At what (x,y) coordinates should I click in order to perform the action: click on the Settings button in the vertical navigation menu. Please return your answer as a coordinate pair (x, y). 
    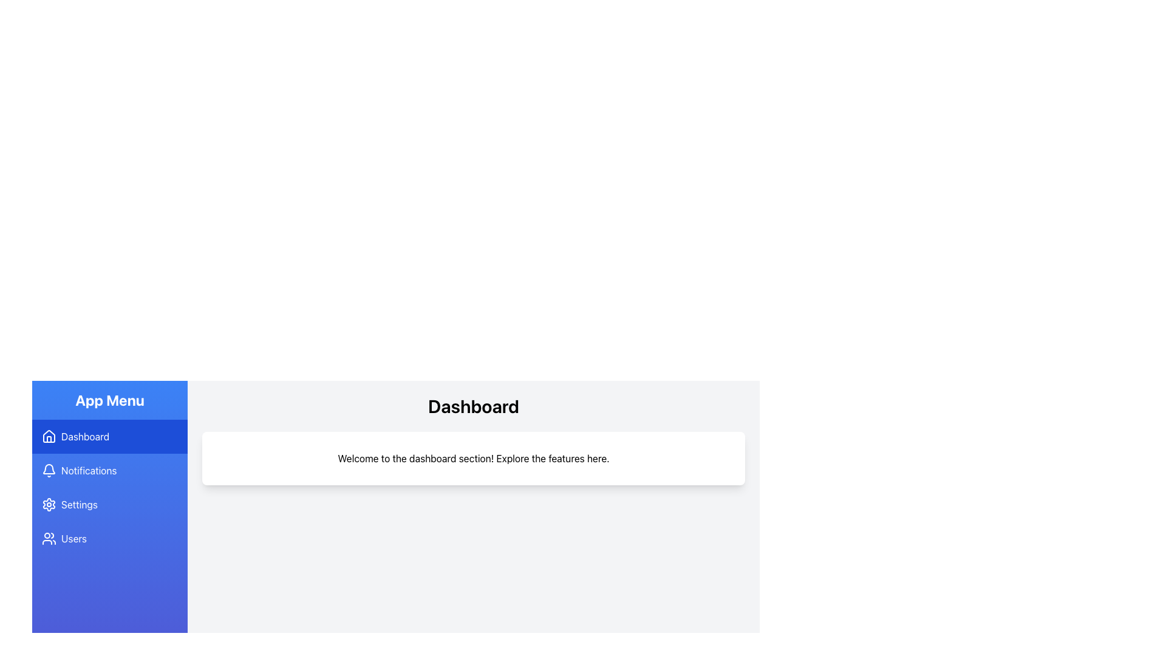
    Looking at the image, I should click on (110, 504).